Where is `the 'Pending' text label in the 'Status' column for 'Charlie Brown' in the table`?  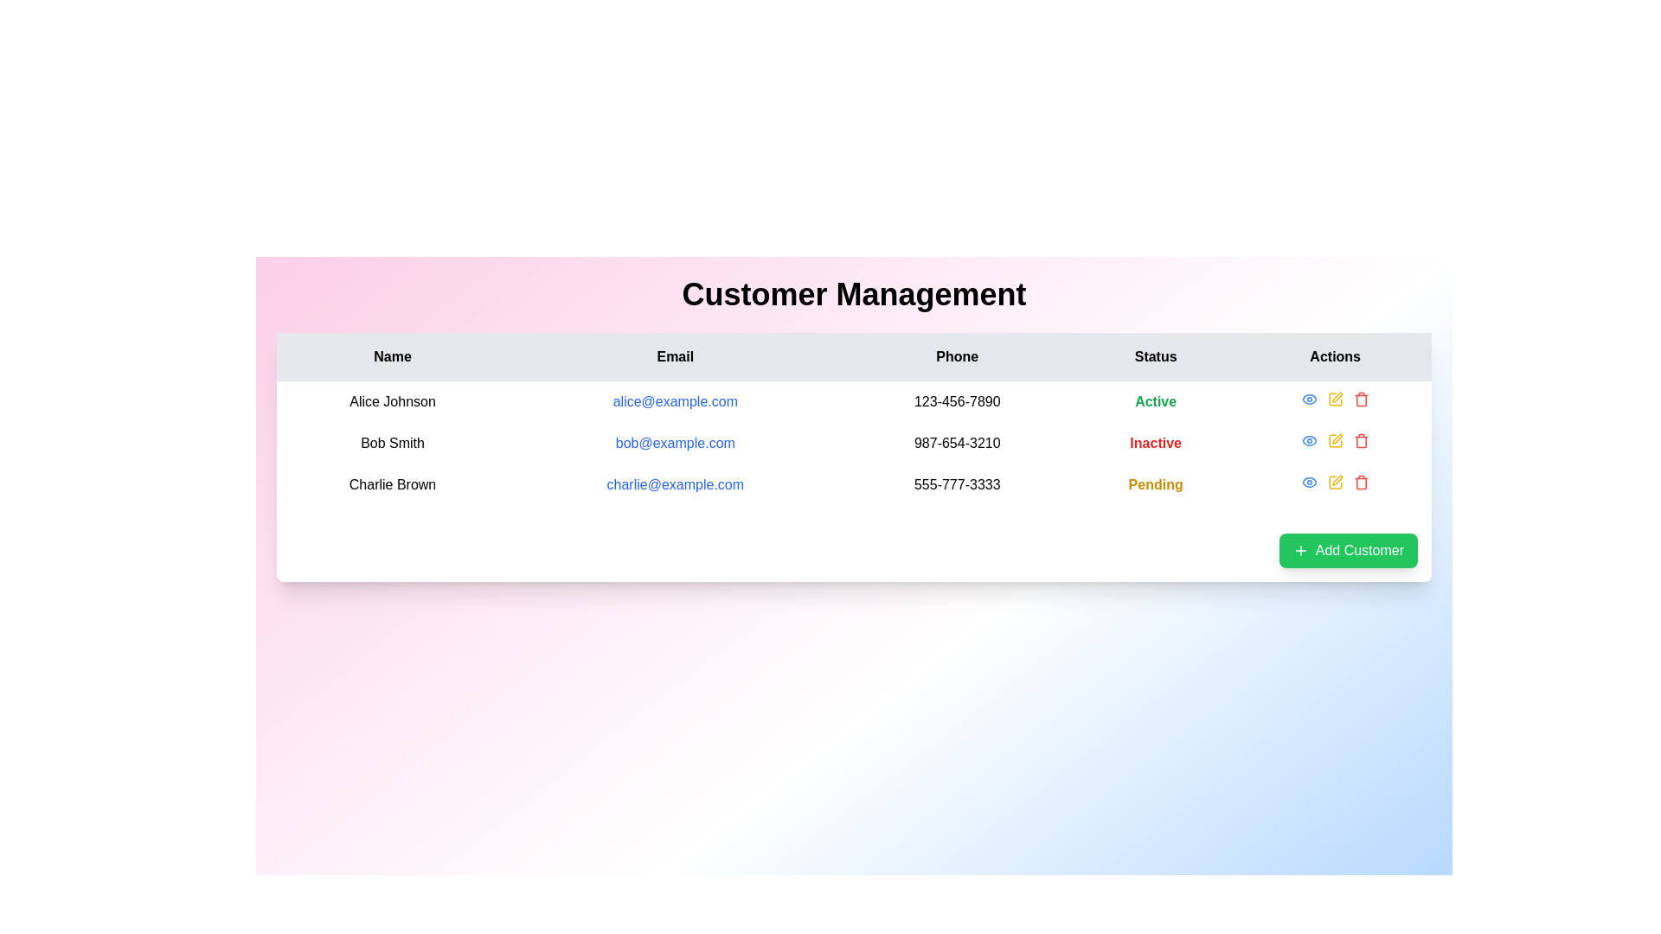
the 'Pending' text label in the 'Status' column for 'Charlie Brown' in the table is located at coordinates (1156, 484).